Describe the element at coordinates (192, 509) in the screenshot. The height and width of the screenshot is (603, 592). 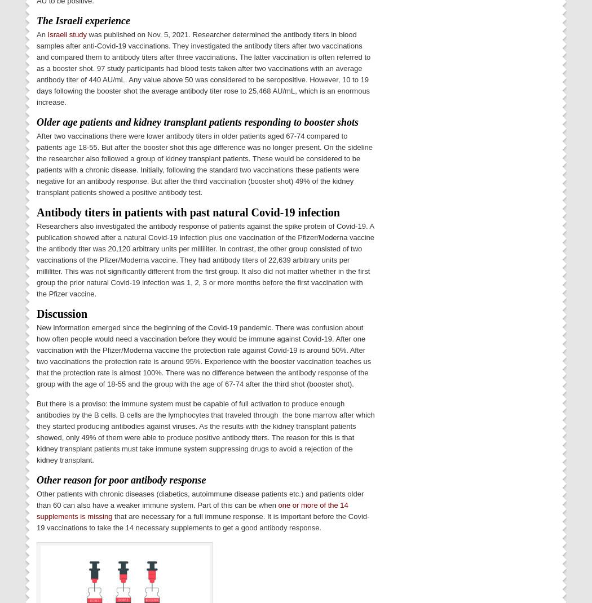
I see `'one or more of the 14 supplements is missing'` at that location.